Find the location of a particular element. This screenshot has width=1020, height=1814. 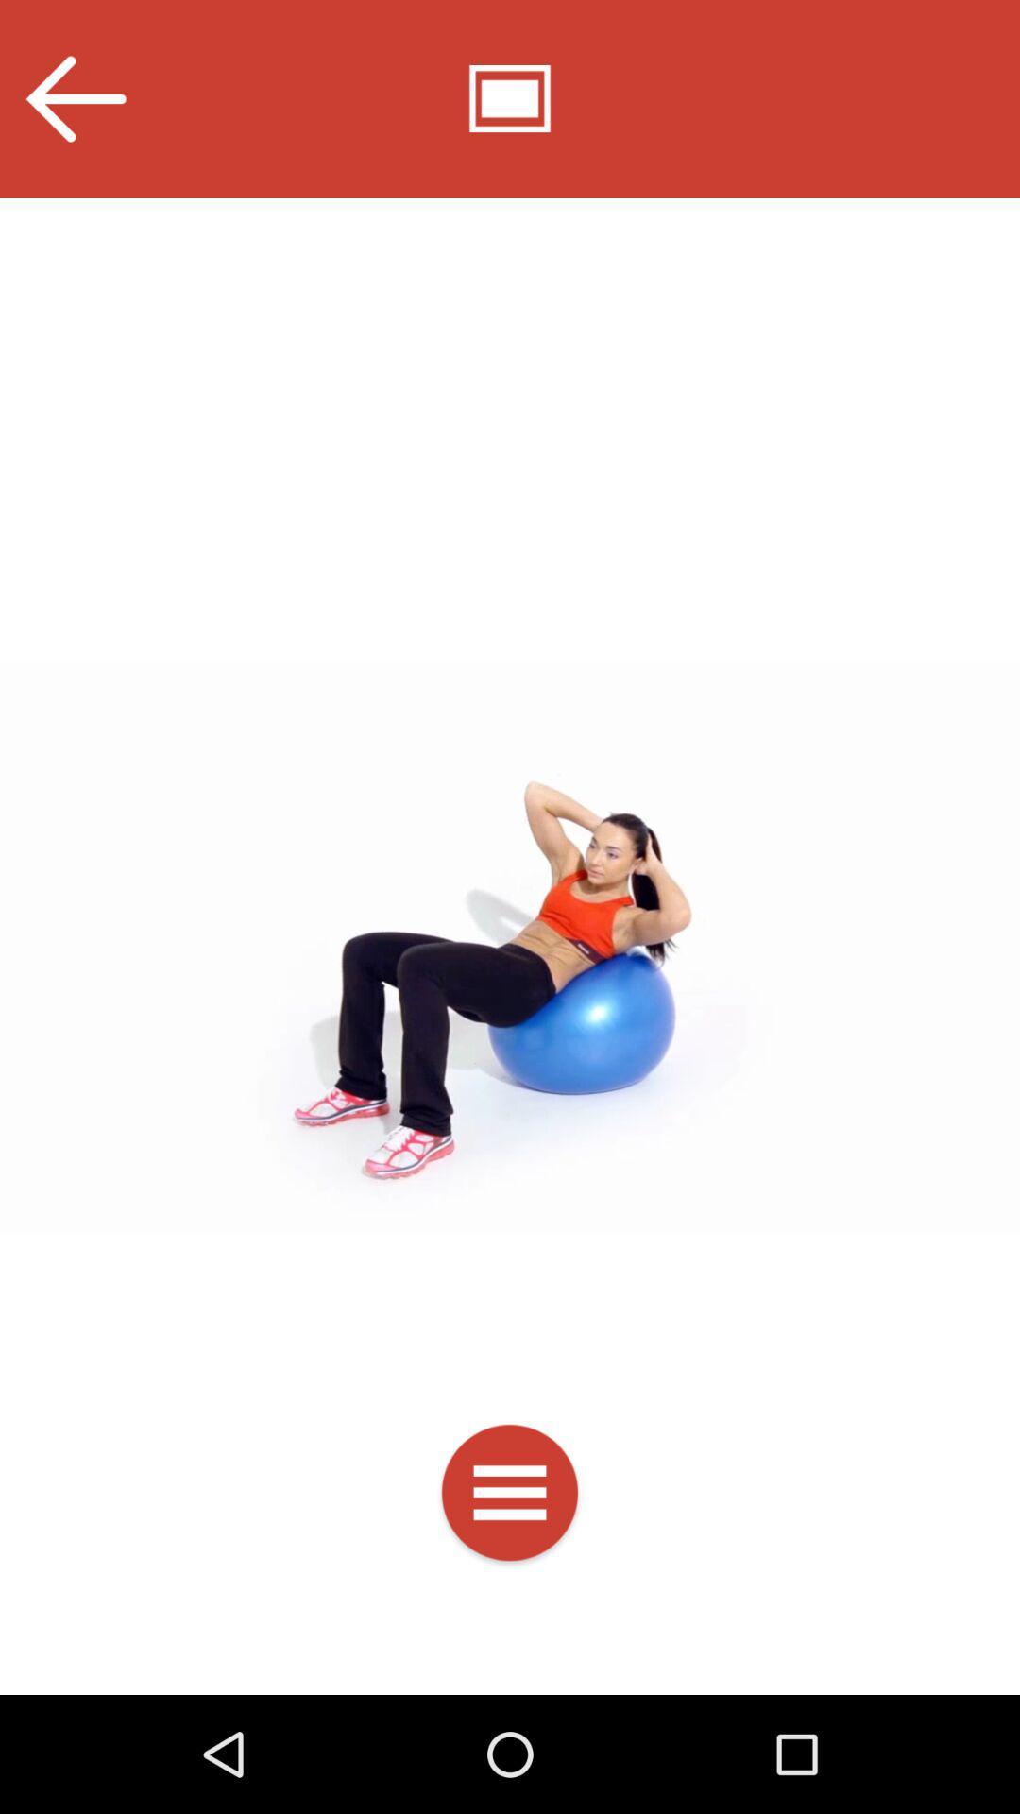

open the menu bar is located at coordinates (510, 1496).